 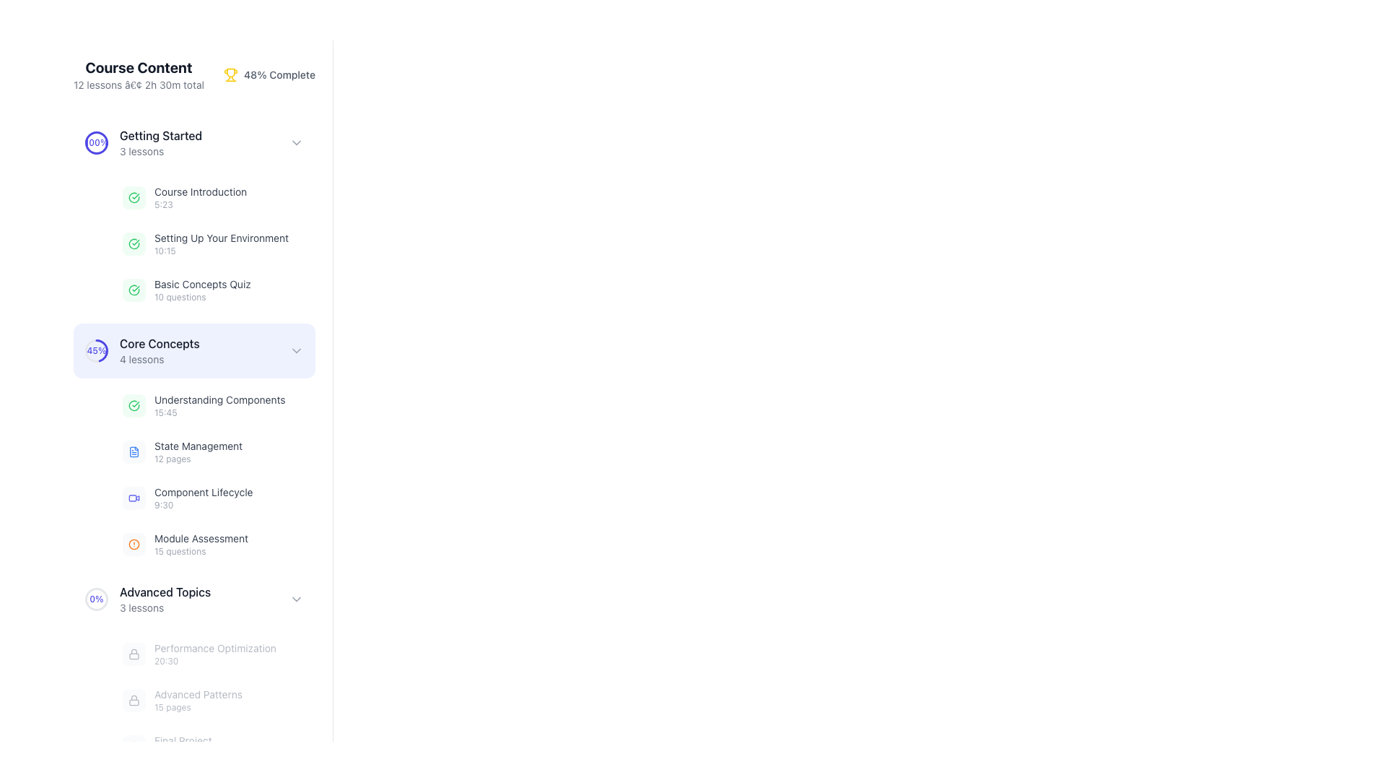 I want to click on the downward arrow icon of the 'Getting Started' expandable section, so click(x=193, y=142).